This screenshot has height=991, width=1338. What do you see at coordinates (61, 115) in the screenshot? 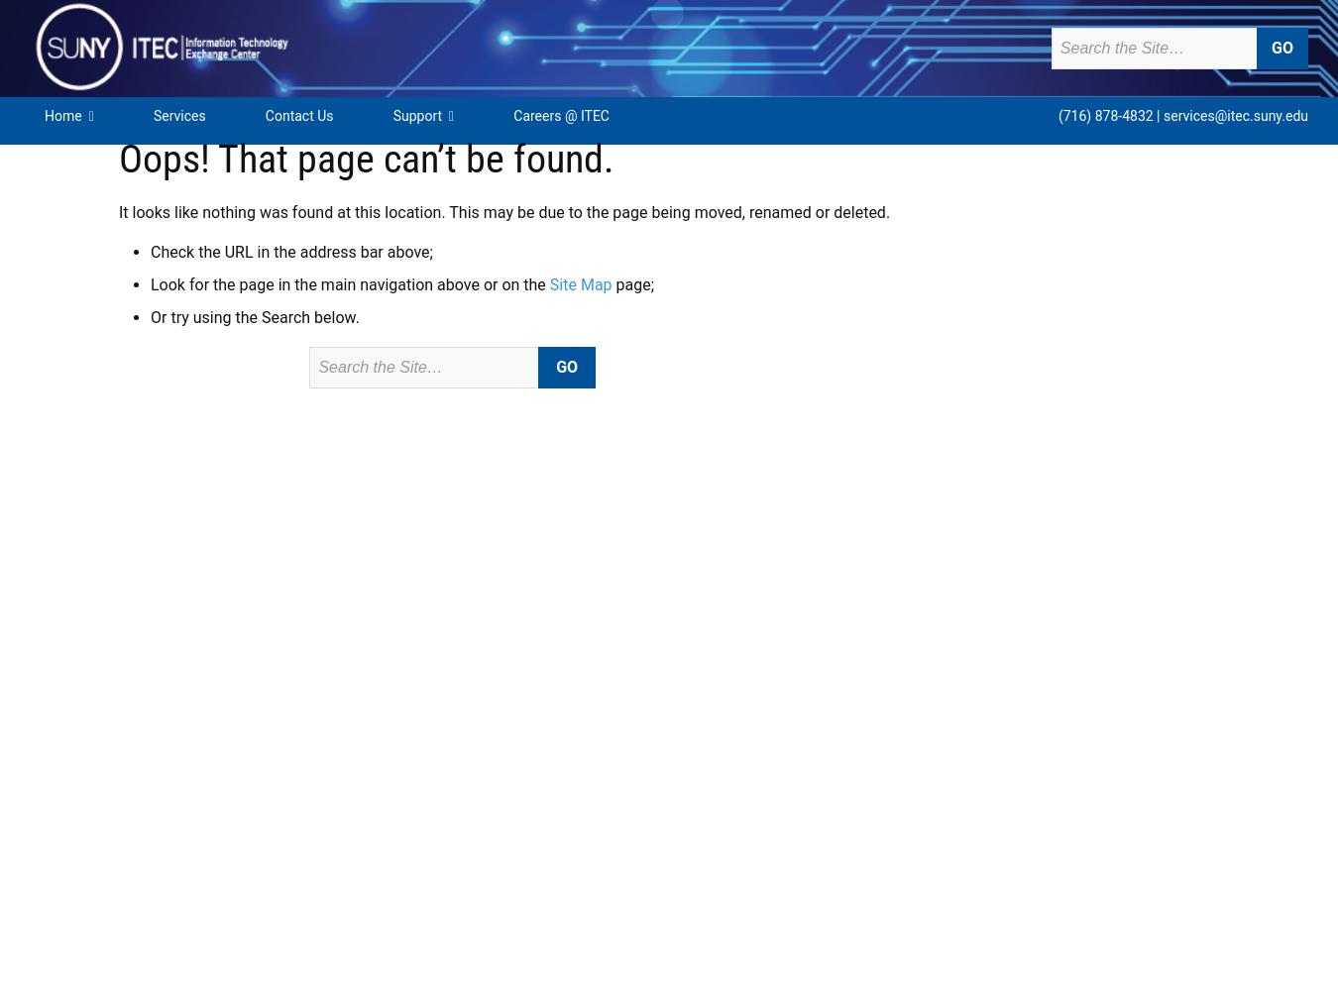
I see `'Home'` at bounding box center [61, 115].